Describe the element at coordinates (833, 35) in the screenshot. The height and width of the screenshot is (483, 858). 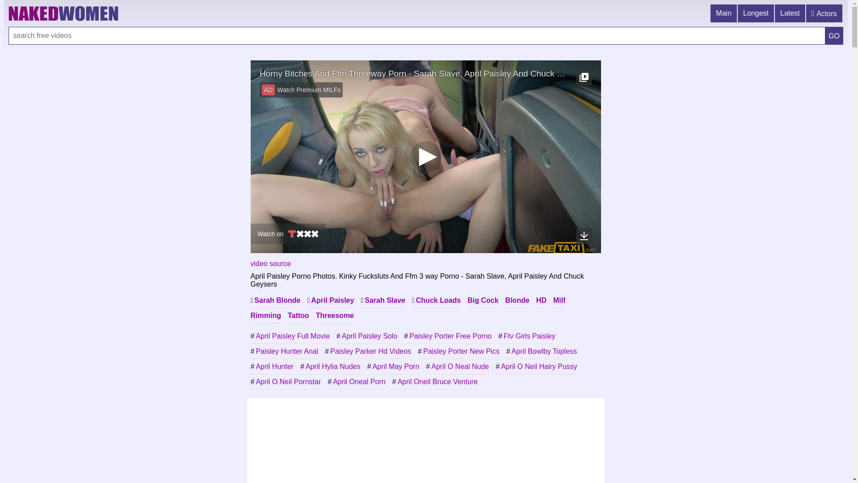
I see `'GO'` at that location.